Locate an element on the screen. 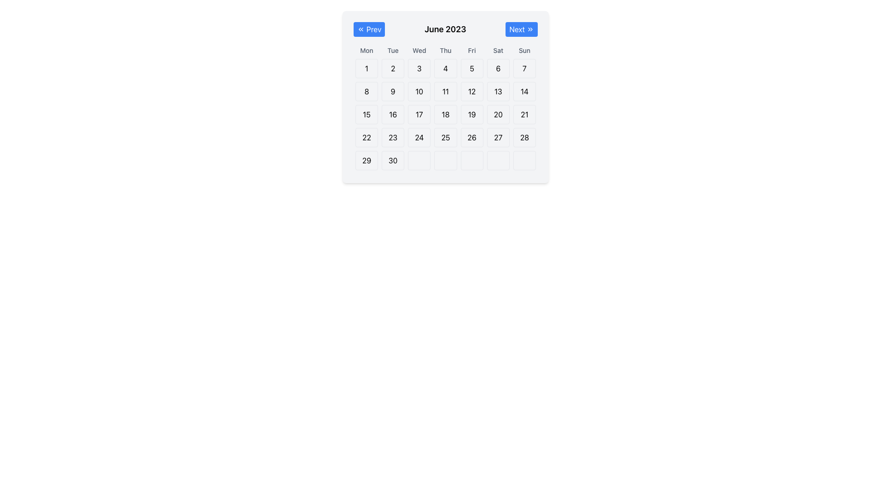  the backward navigation icon located within the 'Prev' button at the top-left section of the calendar interface is located at coordinates (360, 29).